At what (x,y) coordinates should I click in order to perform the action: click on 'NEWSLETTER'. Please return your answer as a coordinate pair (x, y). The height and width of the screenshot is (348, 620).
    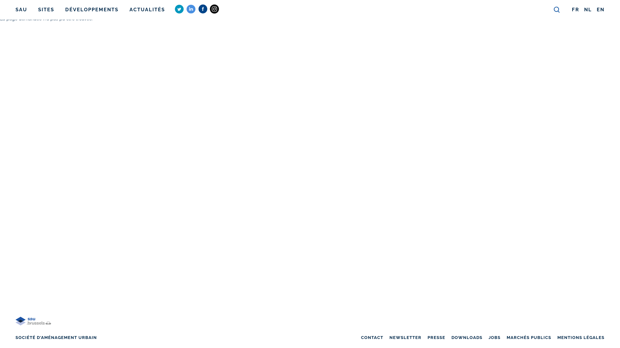
    Looking at the image, I should click on (405, 337).